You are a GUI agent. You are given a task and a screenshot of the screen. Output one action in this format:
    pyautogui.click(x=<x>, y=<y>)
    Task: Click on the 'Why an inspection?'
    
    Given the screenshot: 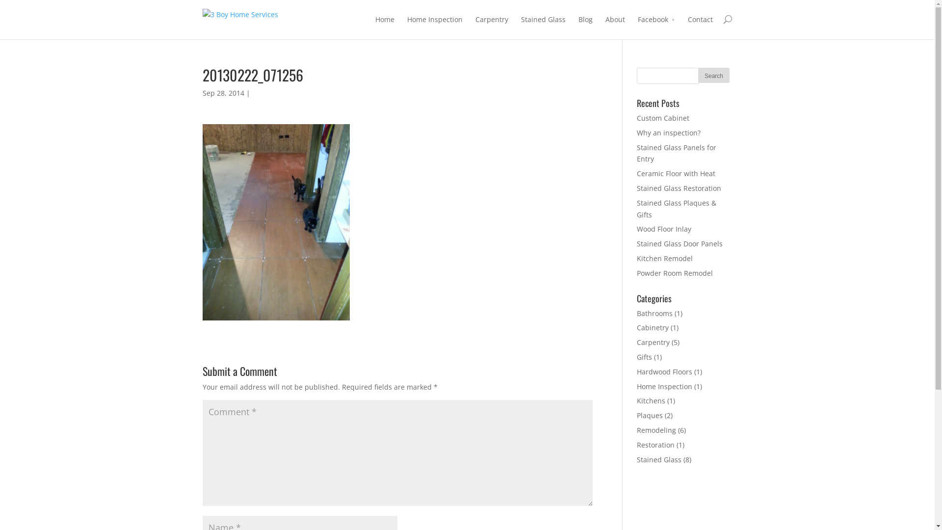 What is the action you would take?
    pyautogui.click(x=668, y=132)
    